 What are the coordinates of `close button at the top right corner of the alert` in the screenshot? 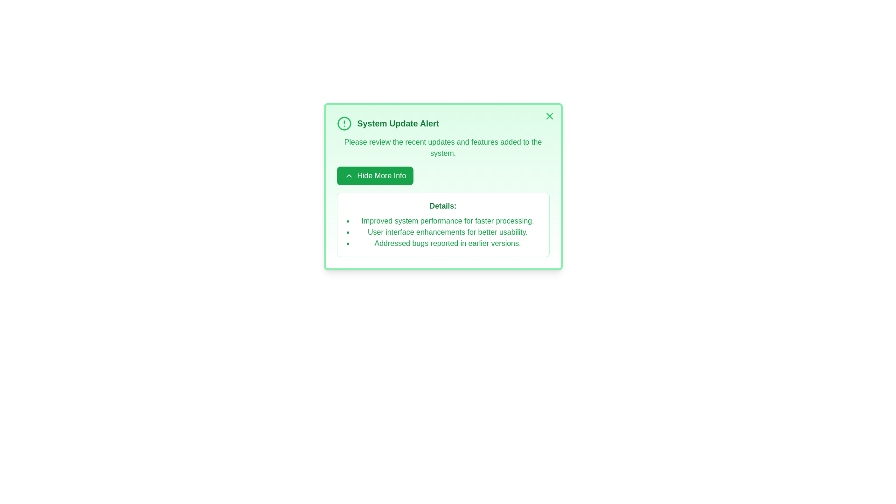 It's located at (549, 116).